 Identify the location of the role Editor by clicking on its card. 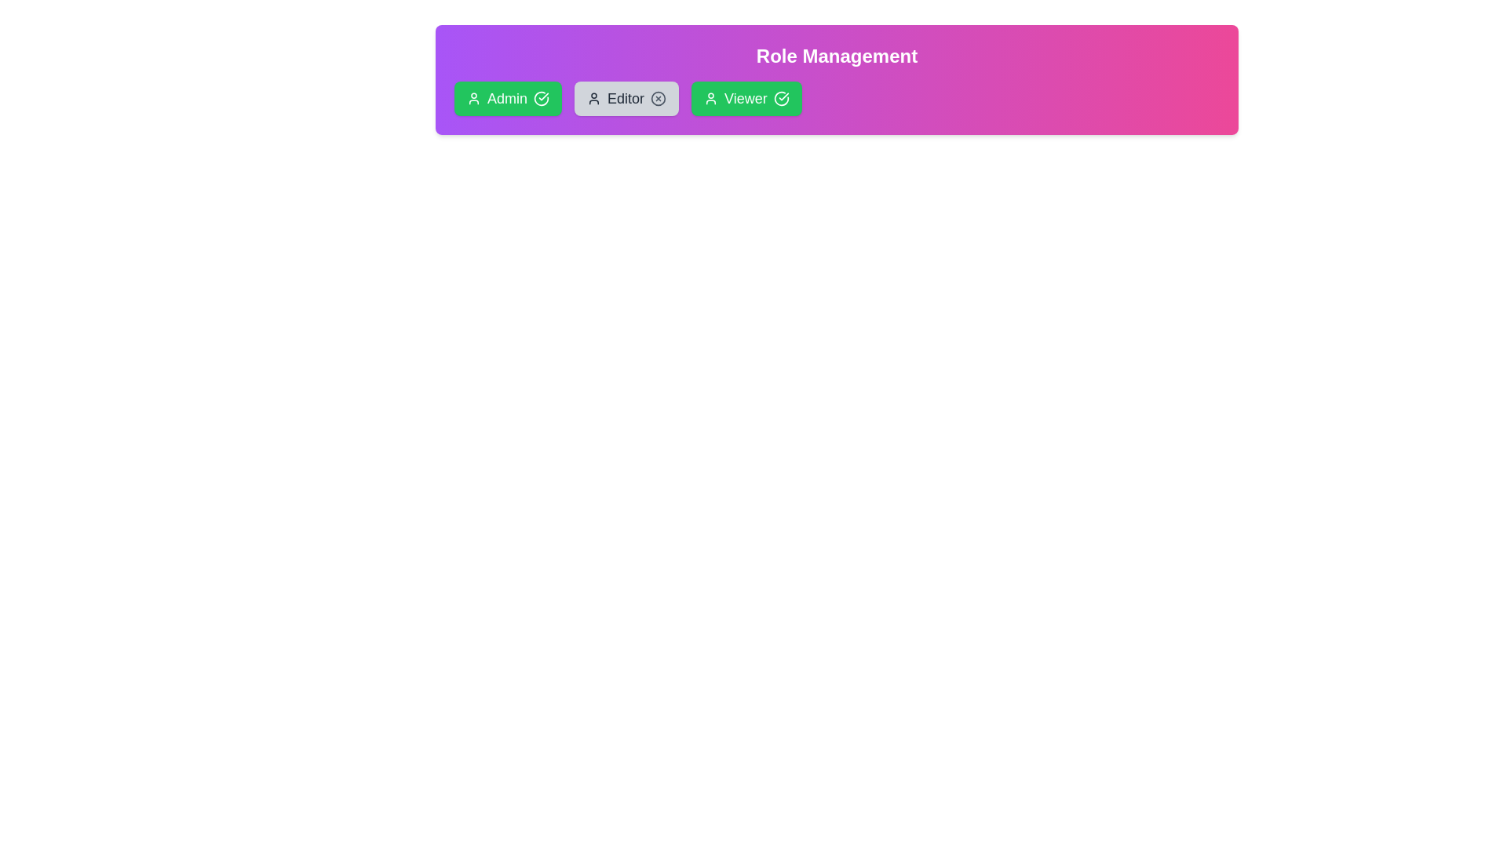
(626, 99).